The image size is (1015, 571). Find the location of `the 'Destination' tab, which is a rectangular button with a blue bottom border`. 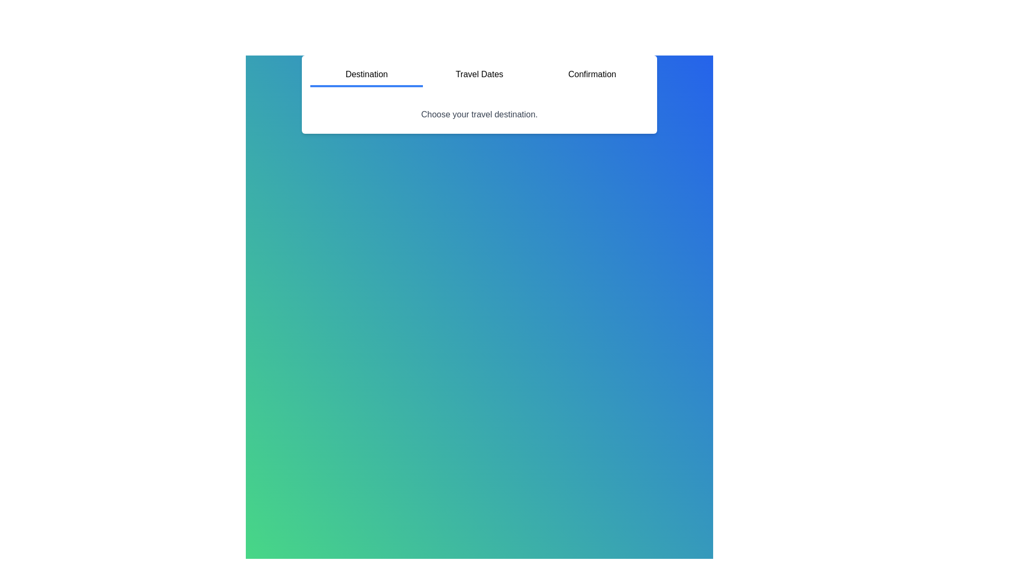

the 'Destination' tab, which is a rectangular button with a blue bottom border is located at coordinates (366, 75).